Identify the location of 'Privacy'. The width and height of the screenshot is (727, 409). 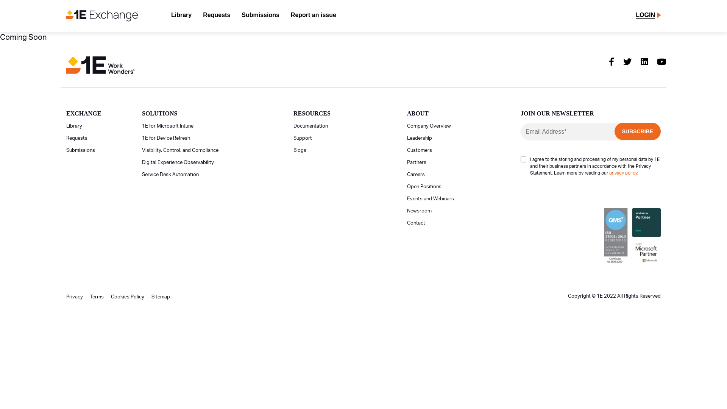
(74, 297).